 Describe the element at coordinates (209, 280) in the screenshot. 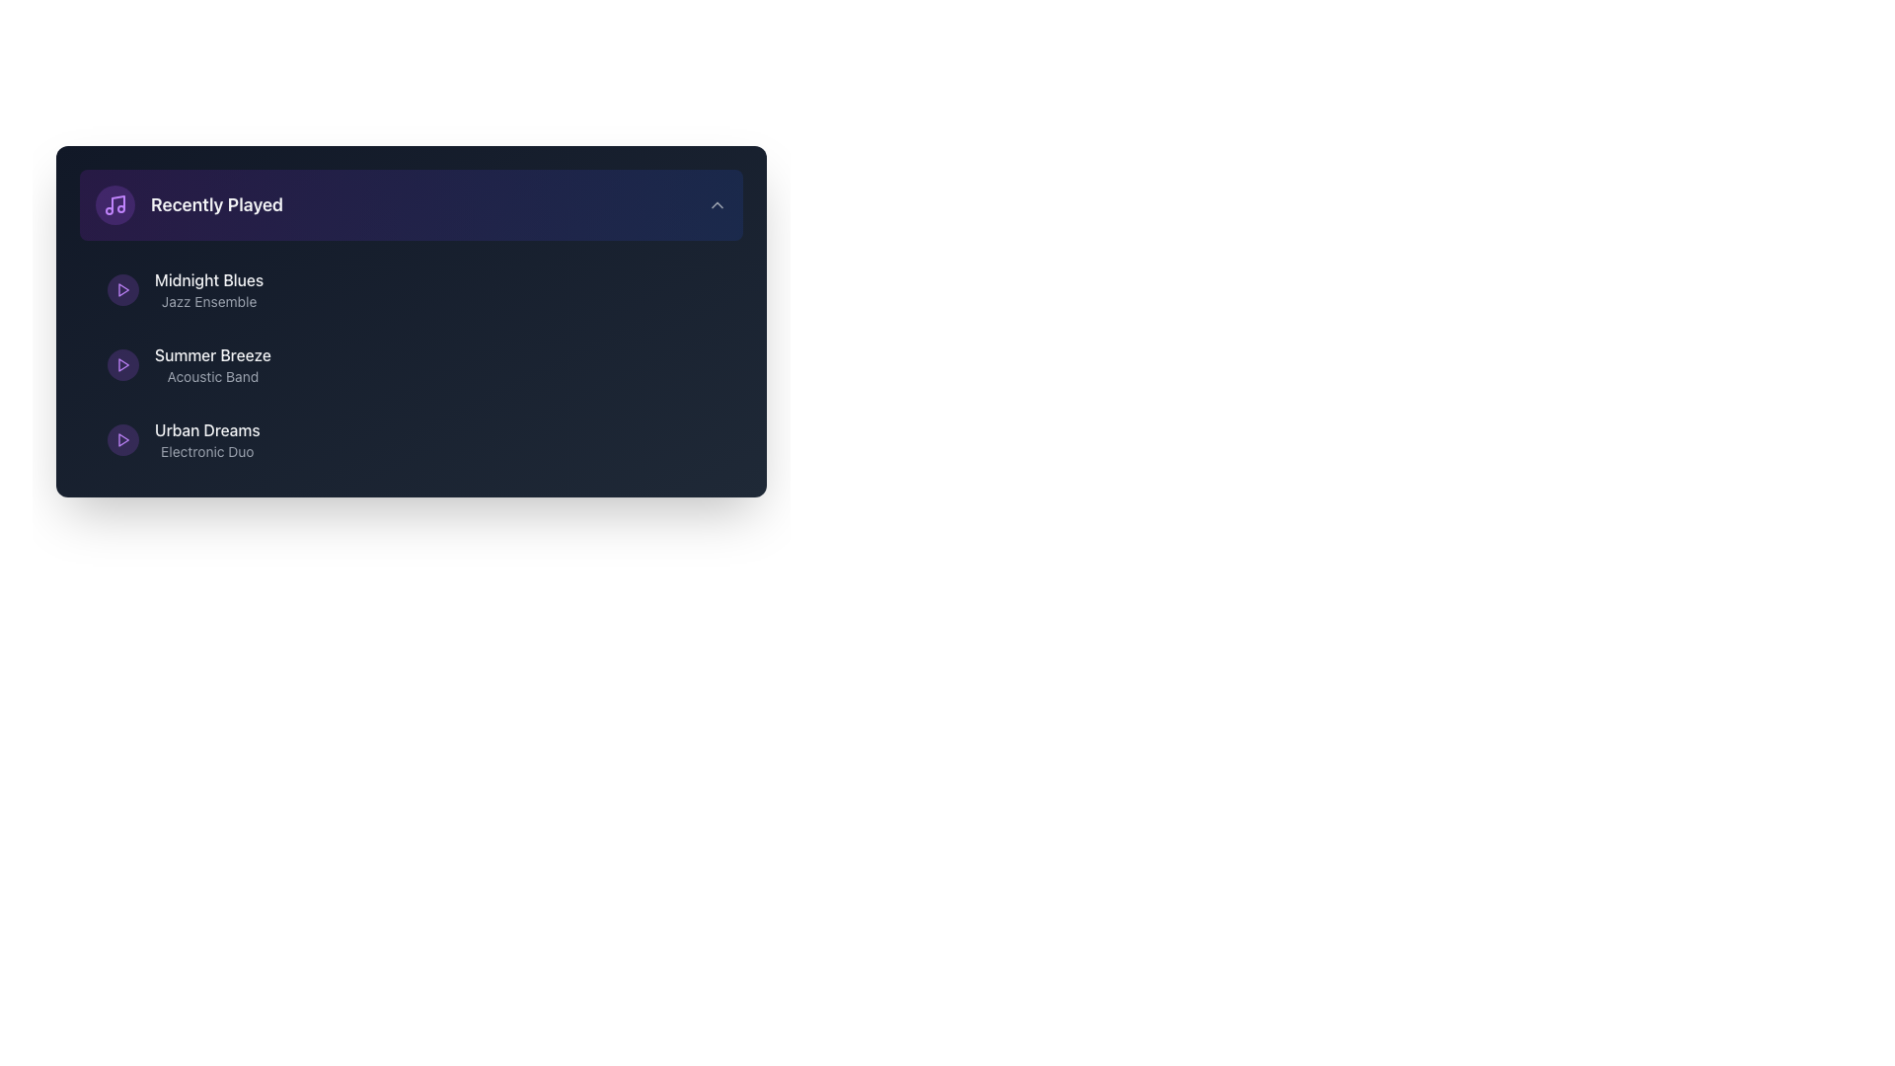

I see `text label displaying the title 'Midnight Blues', which is styled in light gray font and is the primary title in the first entry of the 'Recently Played' section` at that location.